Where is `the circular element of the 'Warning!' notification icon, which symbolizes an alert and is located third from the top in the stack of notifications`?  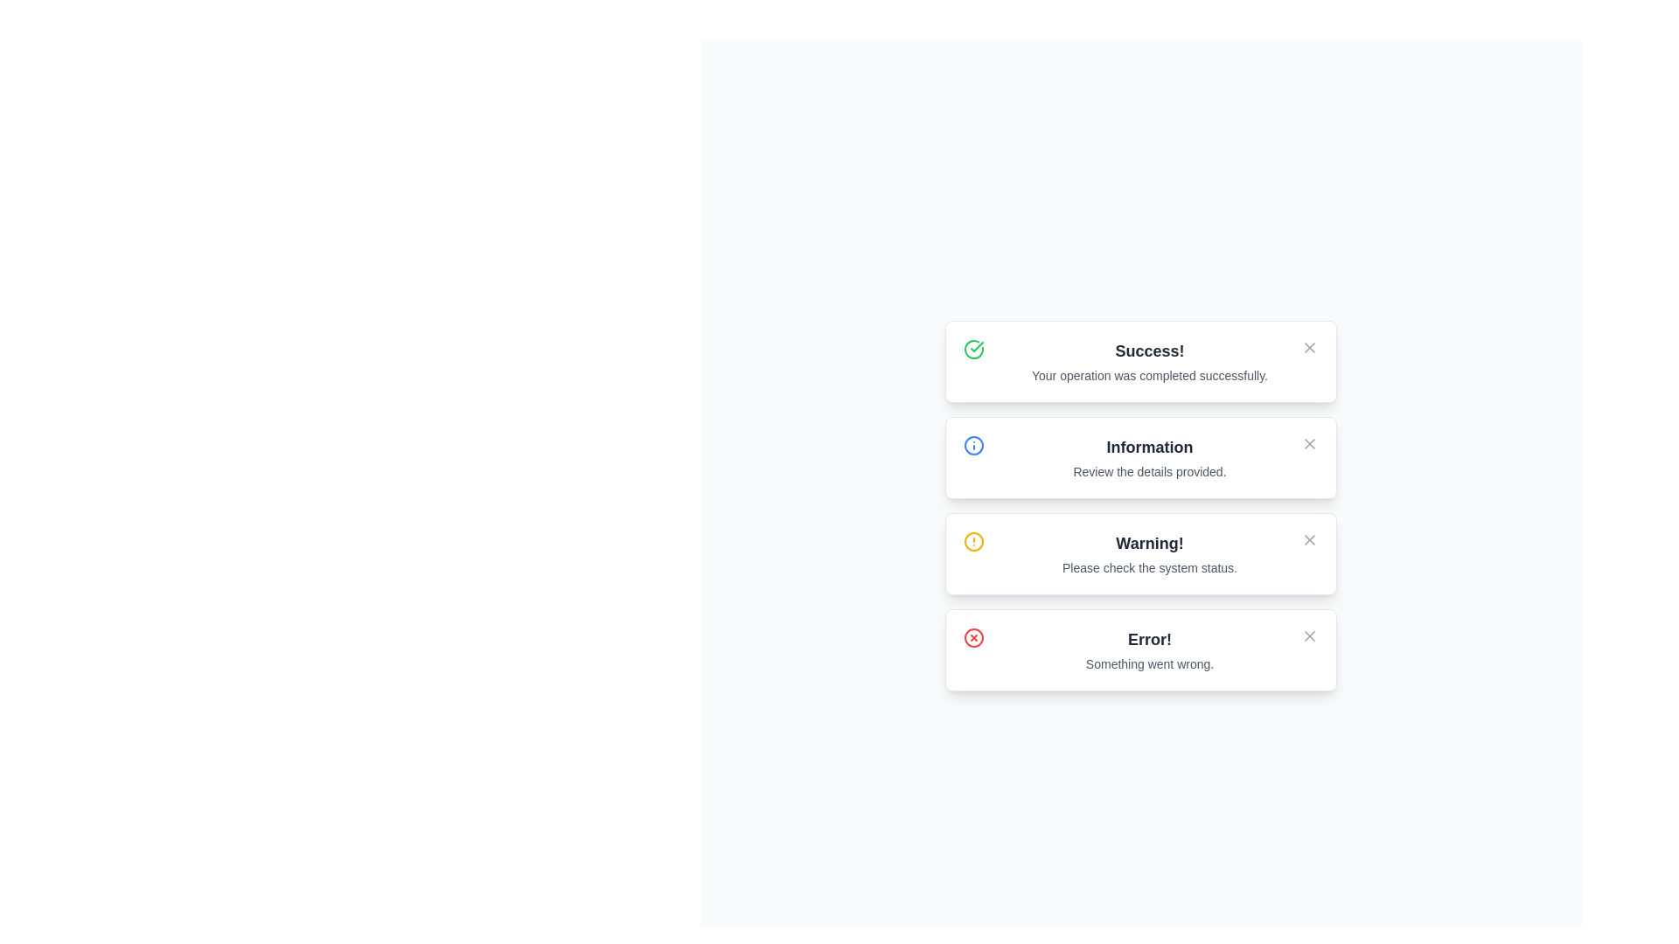
the circular element of the 'Warning!' notification icon, which symbolizes an alert and is located third from the top in the stack of notifications is located at coordinates (972, 541).